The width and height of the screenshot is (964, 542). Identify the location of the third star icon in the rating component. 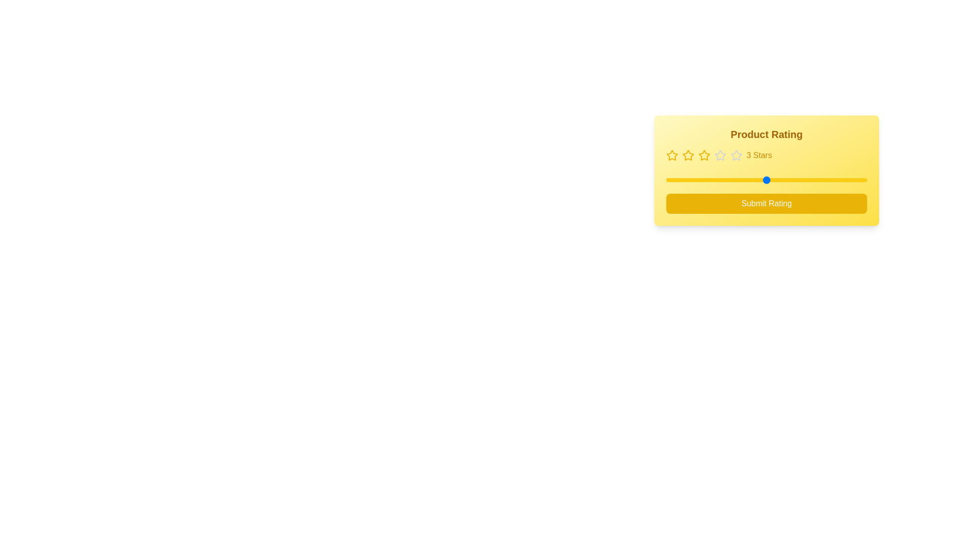
(719, 155).